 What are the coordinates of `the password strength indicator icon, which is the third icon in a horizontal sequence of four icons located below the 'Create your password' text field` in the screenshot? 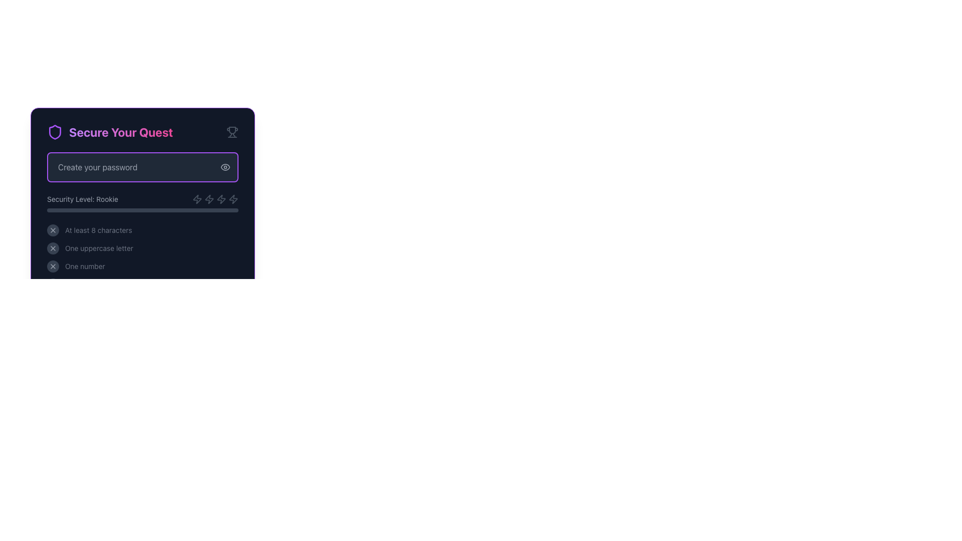 It's located at (220, 199).